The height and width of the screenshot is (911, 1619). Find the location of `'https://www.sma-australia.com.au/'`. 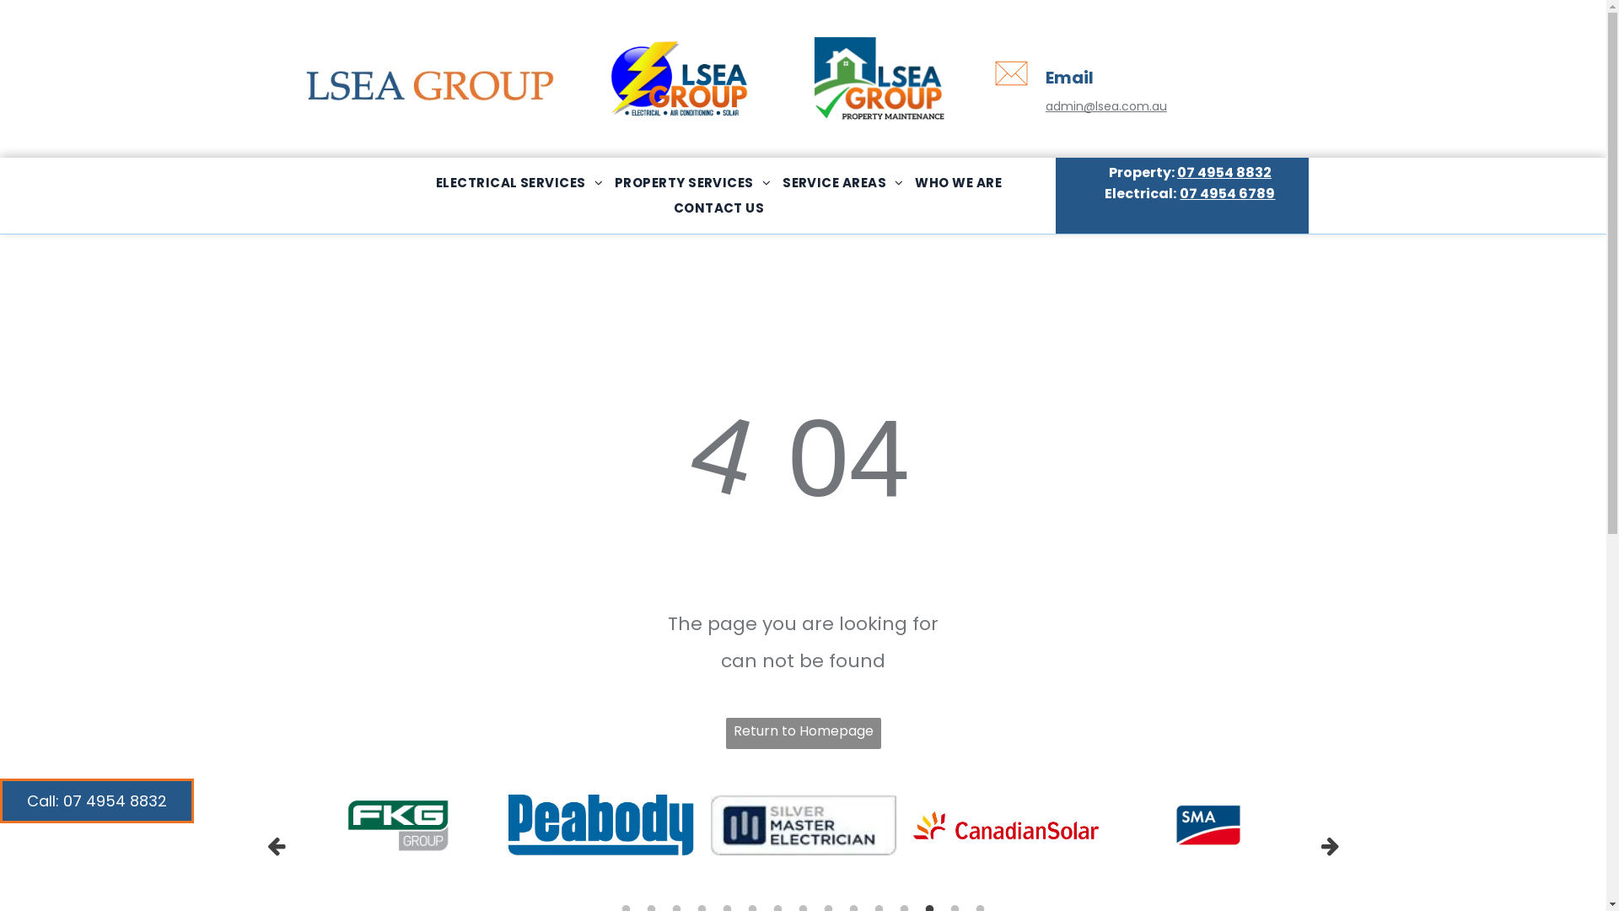

'https://www.sma-australia.com.au/' is located at coordinates (1173, 824).